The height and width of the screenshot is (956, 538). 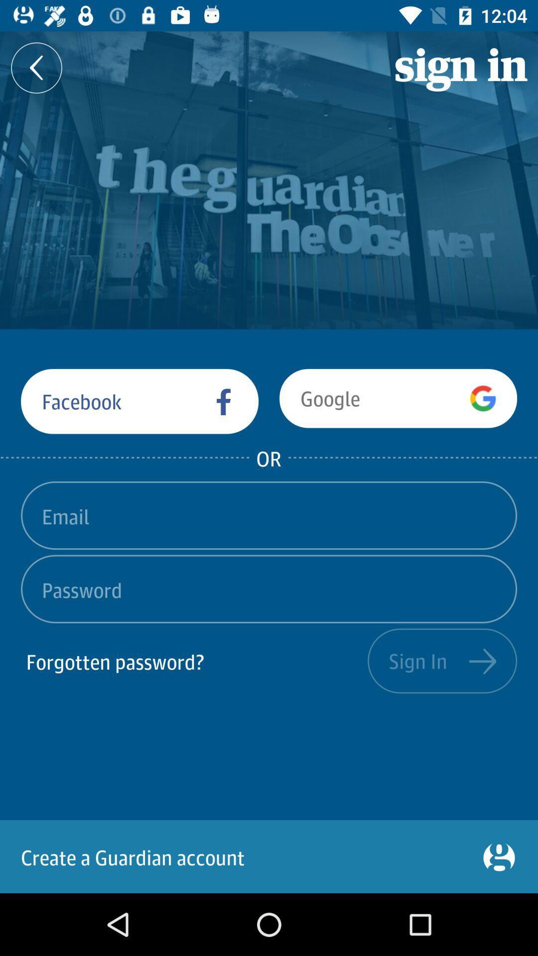 What do you see at coordinates (269, 589) in the screenshot?
I see `password` at bounding box center [269, 589].